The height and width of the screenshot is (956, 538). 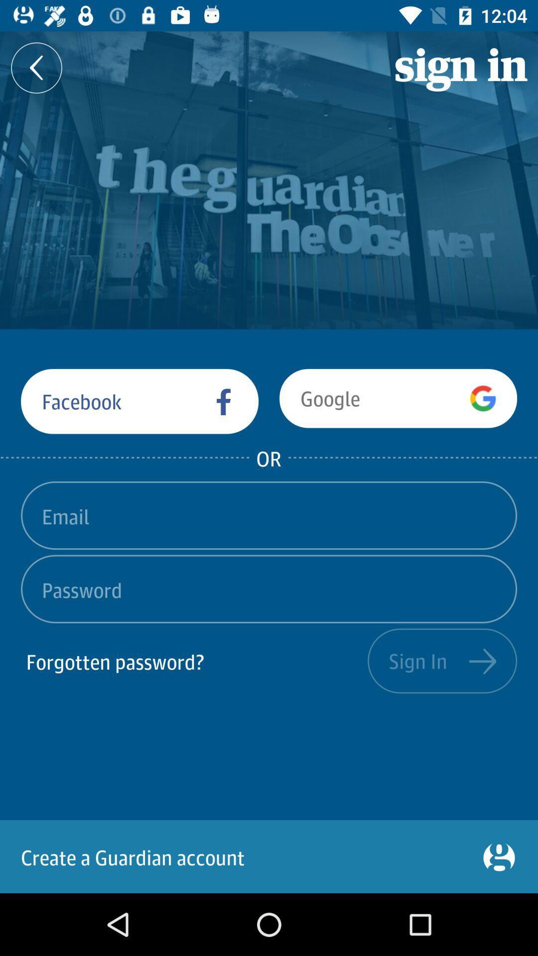 What do you see at coordinates (269, 589) in the screenshot?
I see `password` at bounding box center [269, 589].